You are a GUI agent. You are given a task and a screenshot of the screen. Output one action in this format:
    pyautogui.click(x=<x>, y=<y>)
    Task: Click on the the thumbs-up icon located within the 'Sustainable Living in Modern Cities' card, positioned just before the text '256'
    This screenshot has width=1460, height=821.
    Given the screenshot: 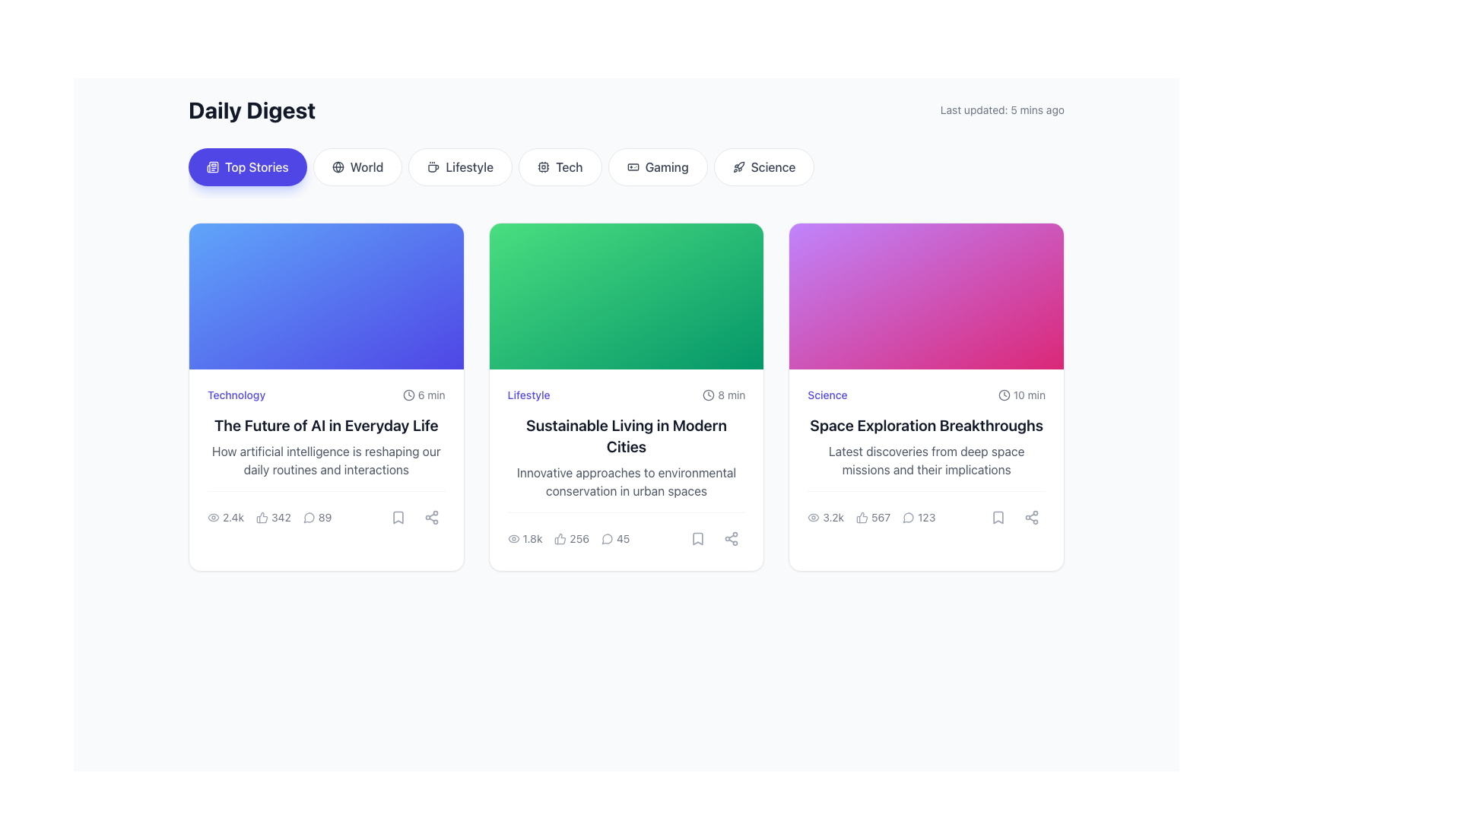 What is the action you would take?
    pyautogui.click(x=560, y=538)
    